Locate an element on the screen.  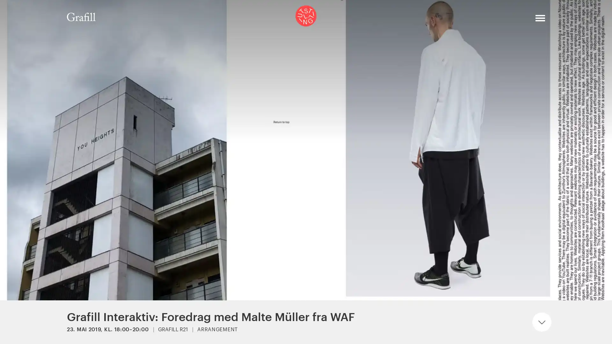
Sk is located at coordinates (520, 20).